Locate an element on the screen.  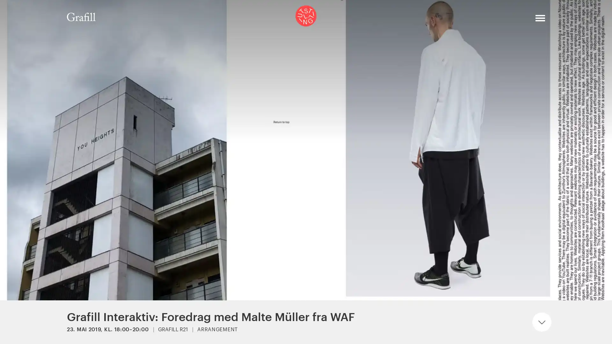
Sk is located at coordinates (520, 20).